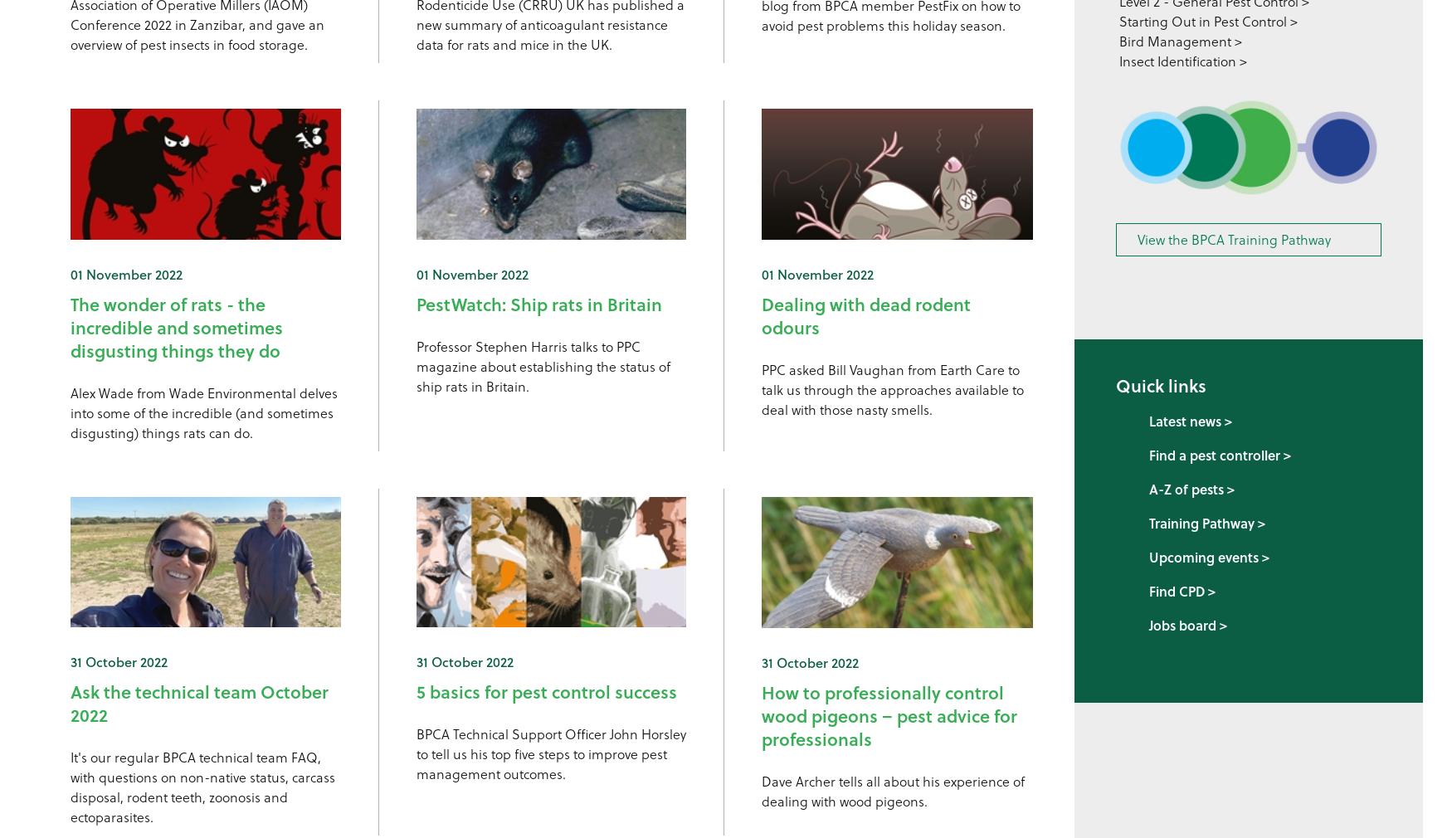 Image resolution: width=1452 pixels, height=838 pixels. I want to click on 'Dave Archer tells all about his experience of dealing with wood pigeons.', so click(893, 790).